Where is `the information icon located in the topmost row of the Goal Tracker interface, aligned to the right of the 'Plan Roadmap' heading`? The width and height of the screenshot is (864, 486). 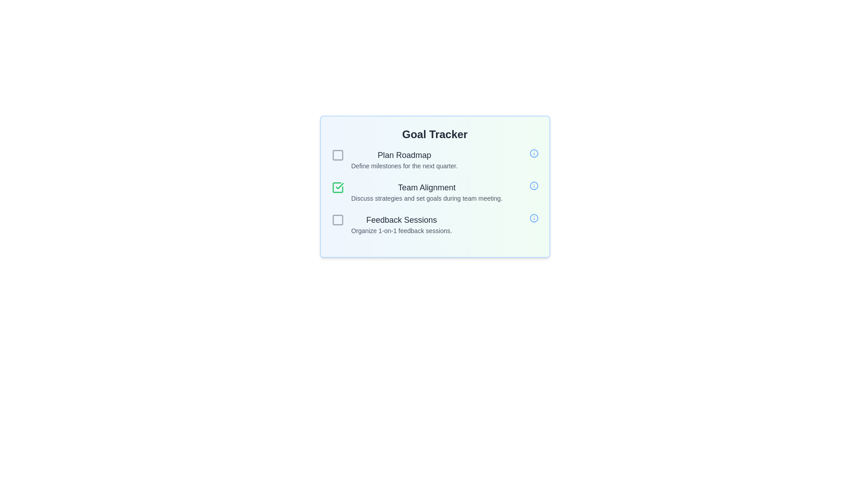 the information icon located in the topmost row of the Goal Tracker interface, aligned to the right of the 'Plan Roadmap' heading is located at coordinates (534, 153).